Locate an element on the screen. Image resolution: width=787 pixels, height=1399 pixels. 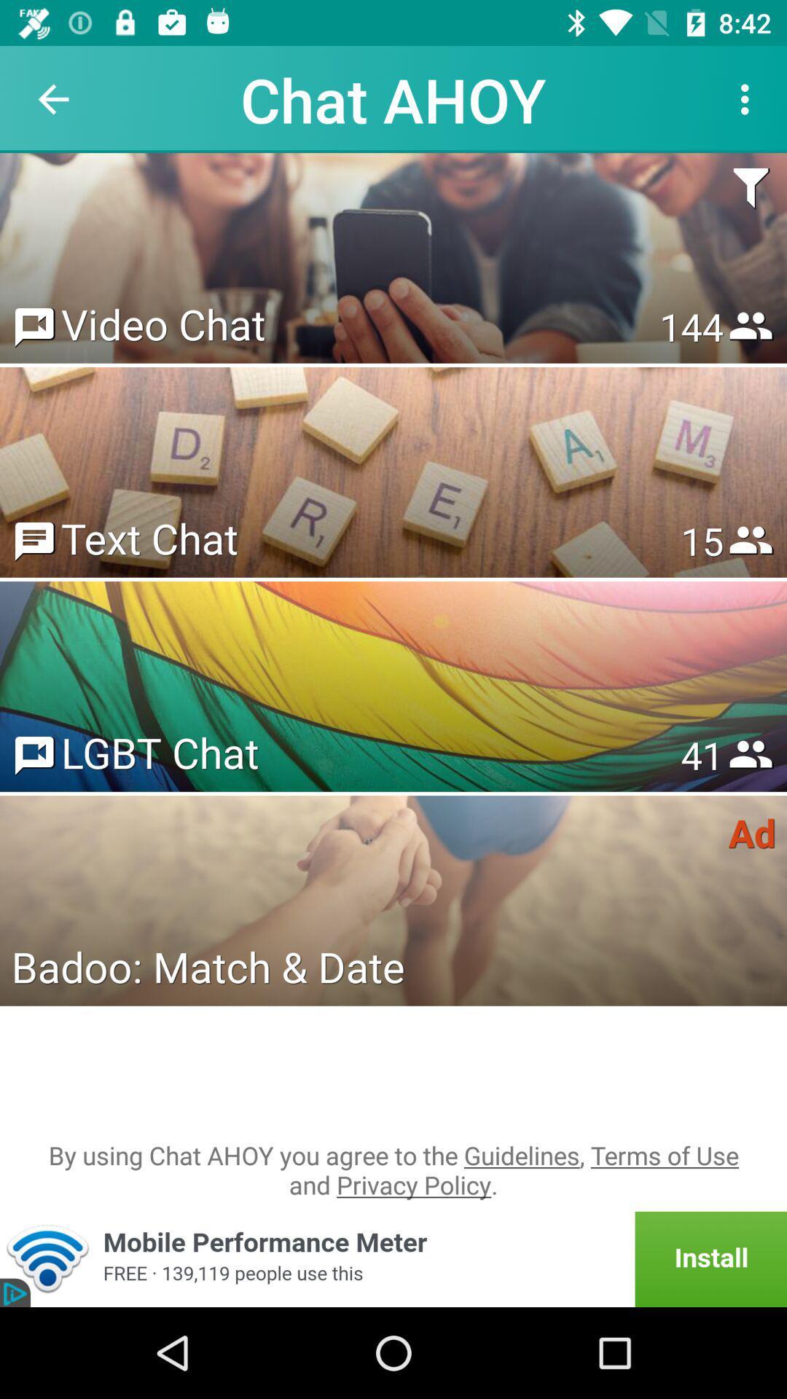
item above the 153 item is located at coordinates (748, 191).